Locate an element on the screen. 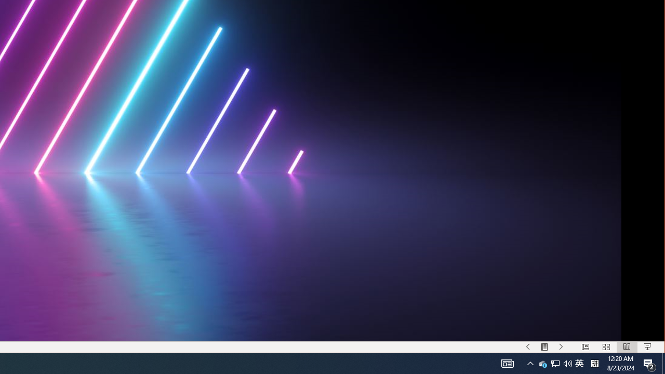 This screenshot has width=665, height=374. 'AutomationID: 4105' is located at coordinates (508, 363).